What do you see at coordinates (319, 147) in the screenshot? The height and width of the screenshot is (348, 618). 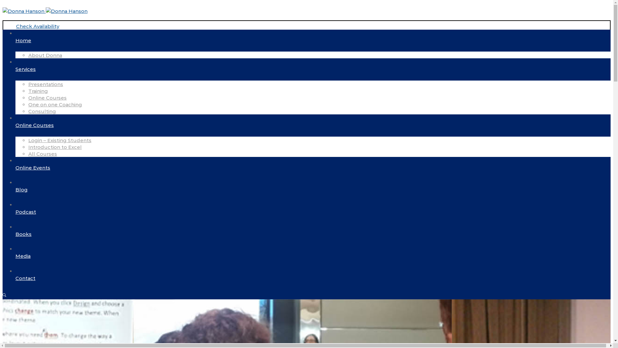 I see `'Introduction to Excel'` at bounding box center [319, 147].